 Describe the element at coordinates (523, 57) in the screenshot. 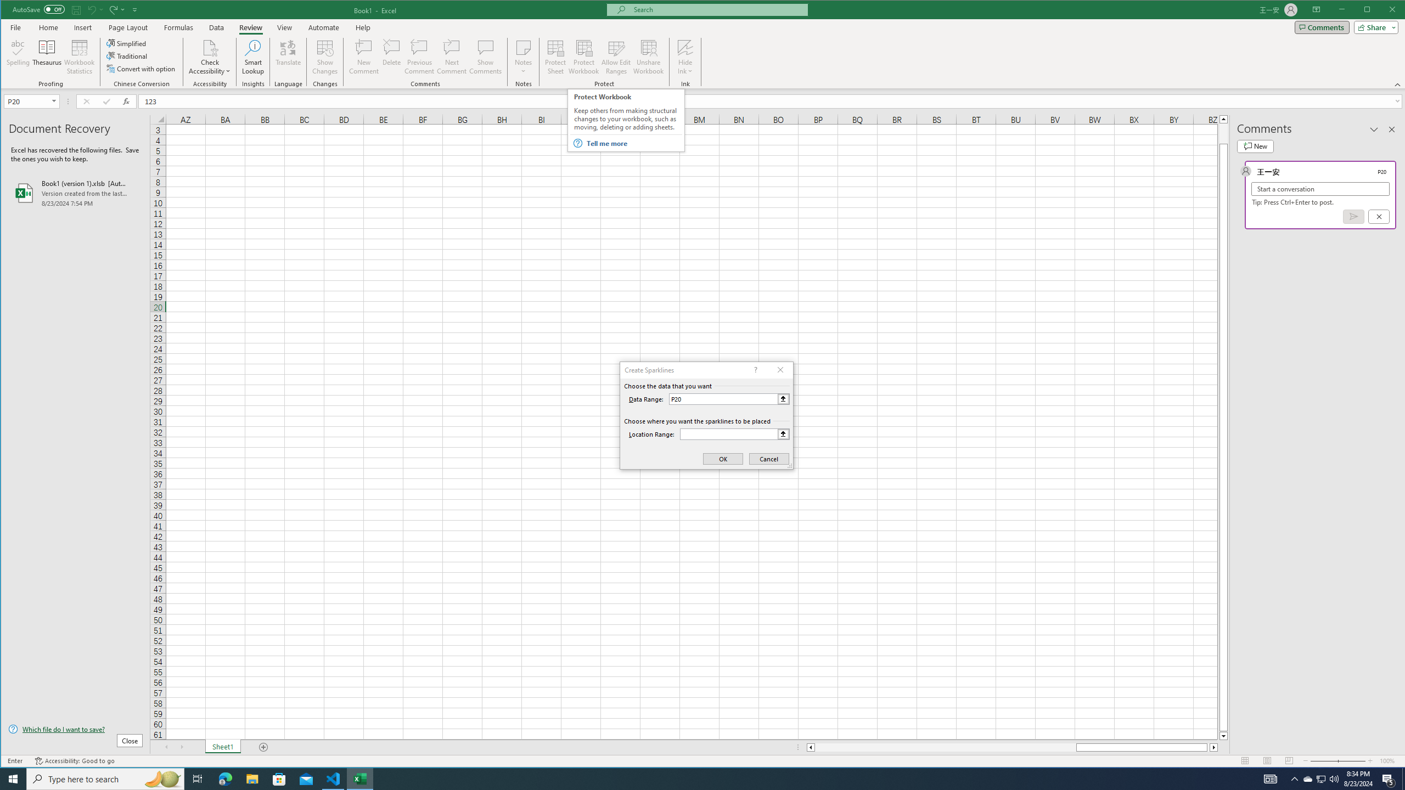

I see `'Notes'` at that location.